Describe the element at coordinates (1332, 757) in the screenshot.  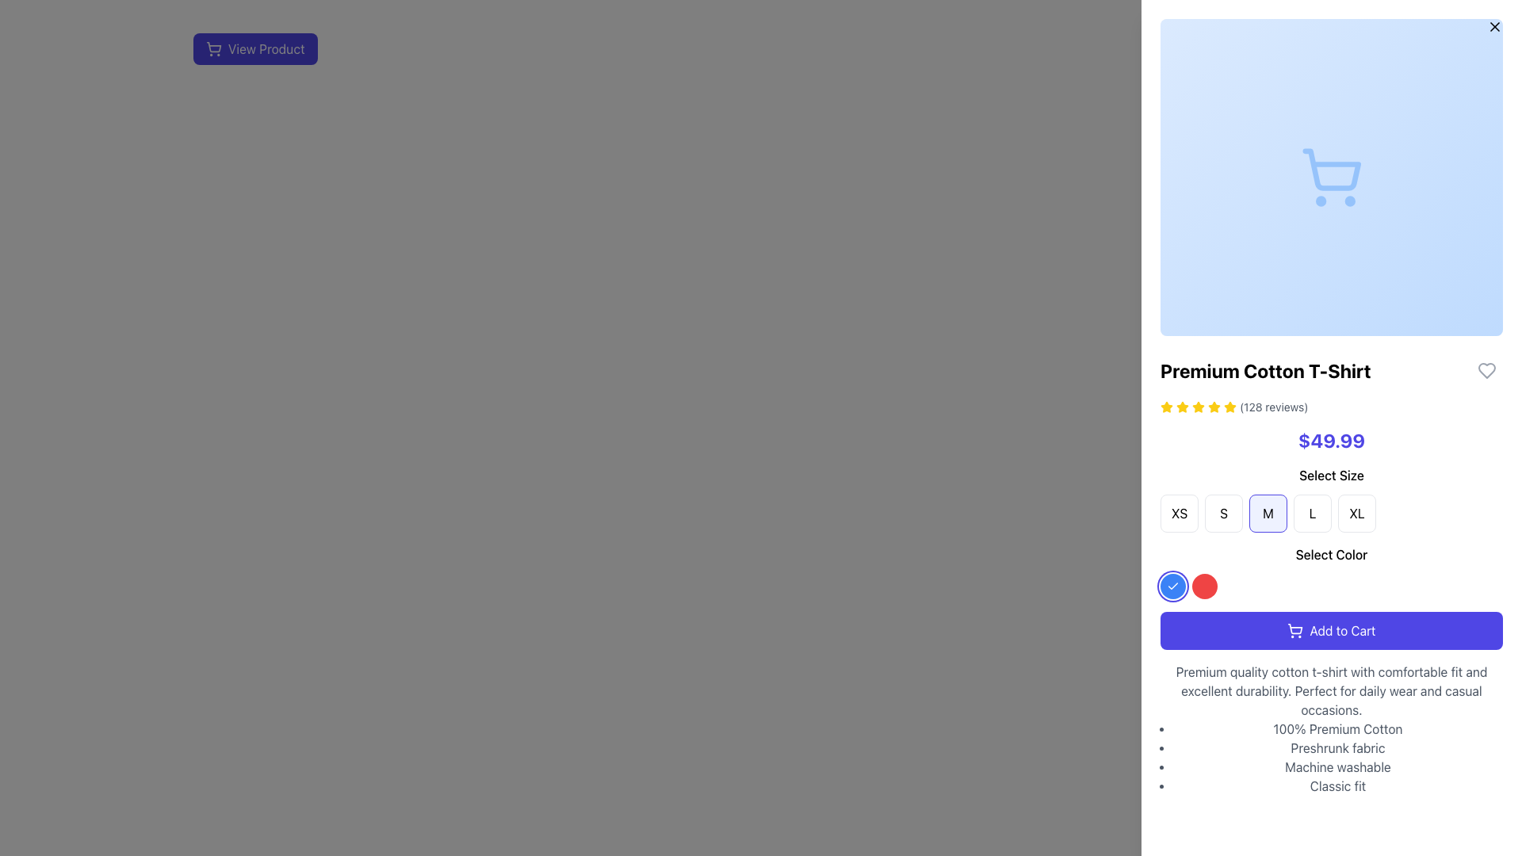
I see `list of text items with bullets that includes '100% Premium Cotton', 'Preshrunk fabric', 'Machine washable', and 'Classic fit' located near the bottom of the product information panel` at that location.